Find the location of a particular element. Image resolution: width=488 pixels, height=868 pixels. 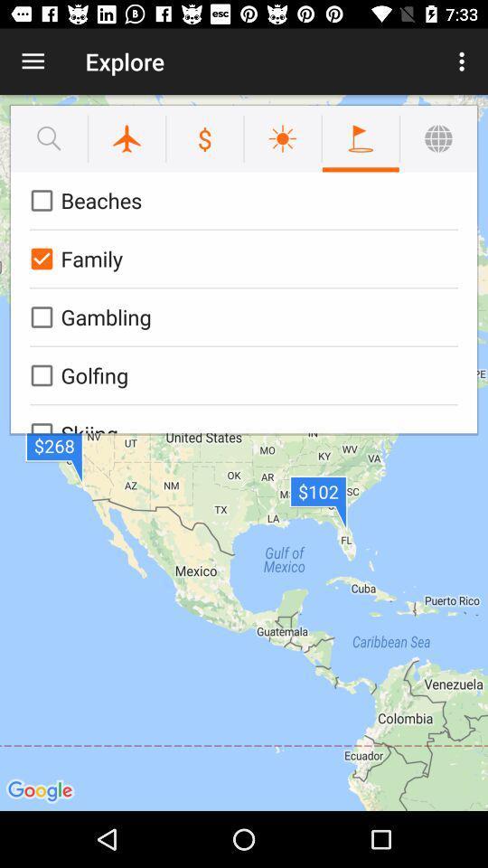

item to the right of explore item is located at coordinates (464, 61).